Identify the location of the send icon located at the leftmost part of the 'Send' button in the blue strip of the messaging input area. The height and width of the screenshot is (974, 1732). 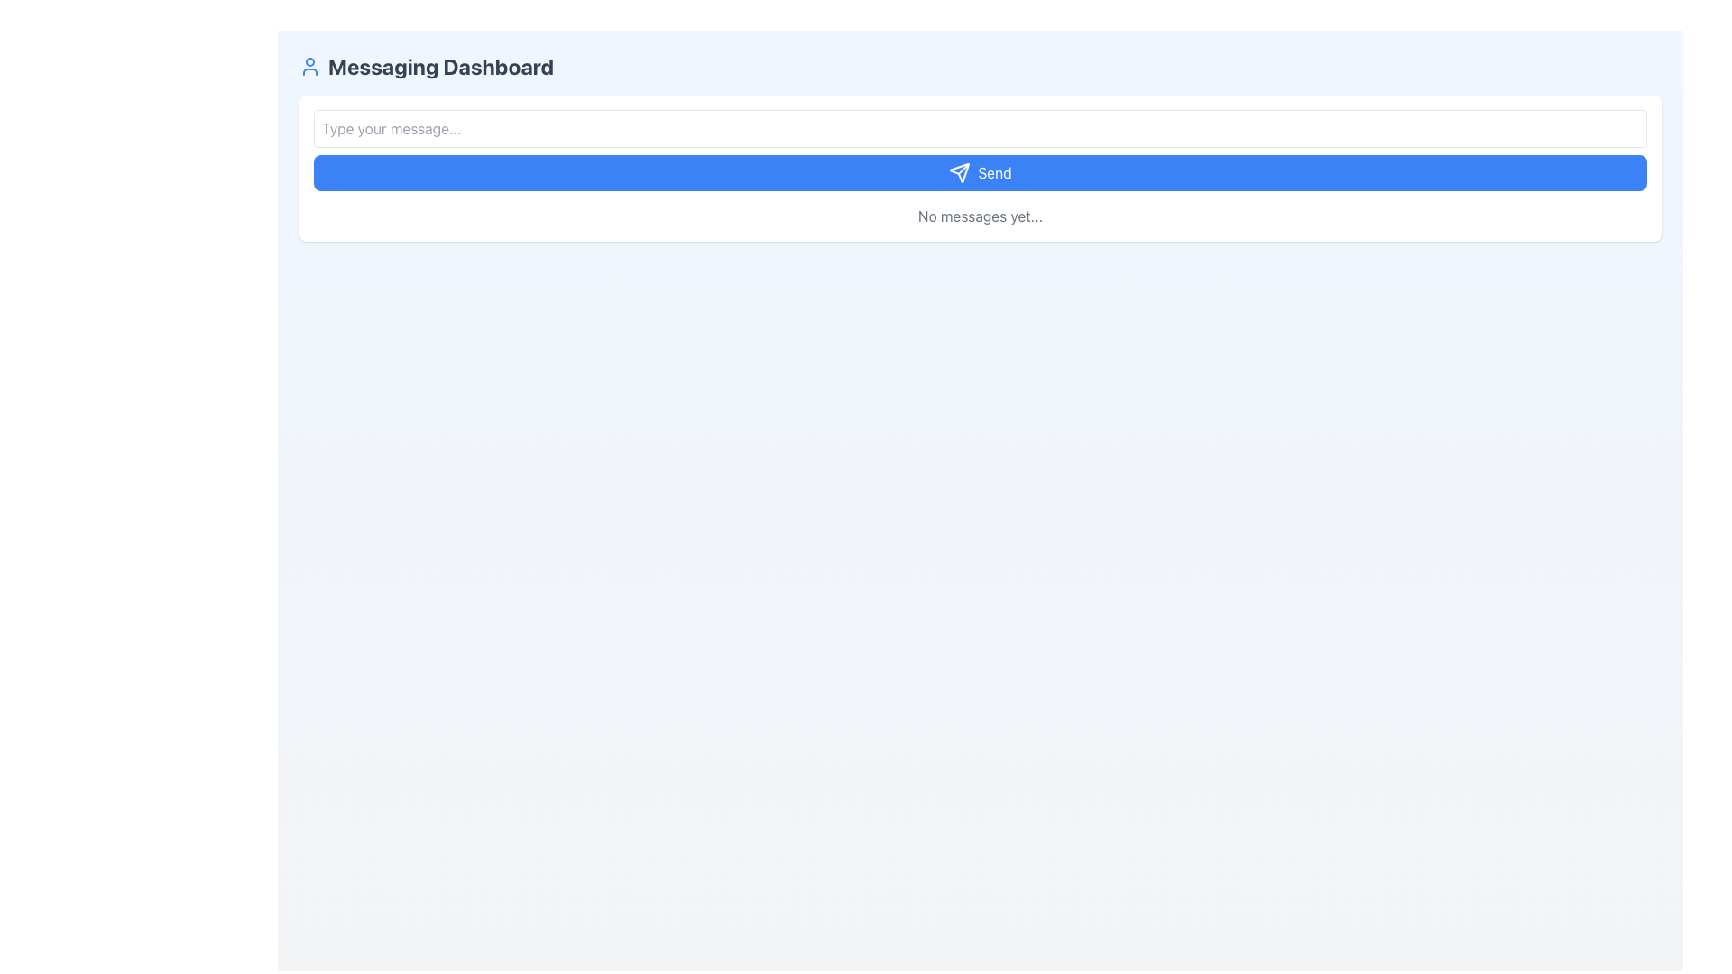
(959, 173).